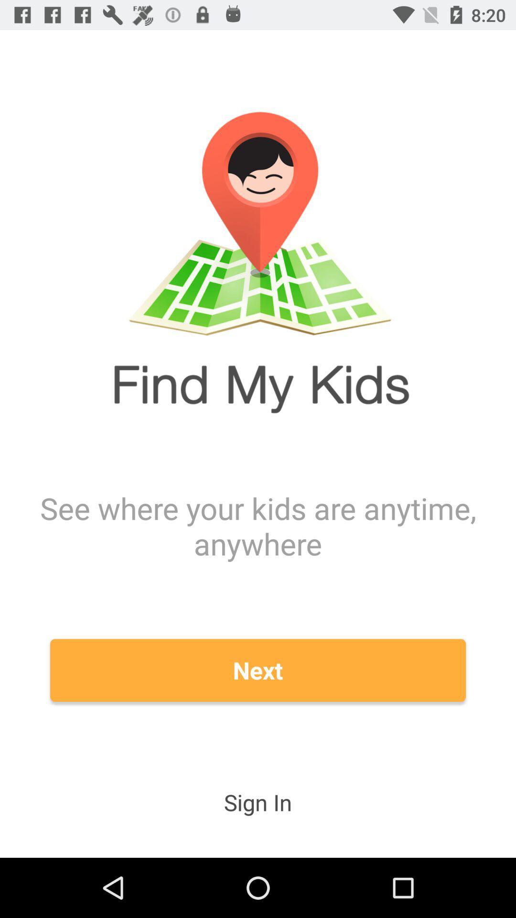 This screenshot has height=918, width=516. I want to click on sign in item, so click(258, 802).